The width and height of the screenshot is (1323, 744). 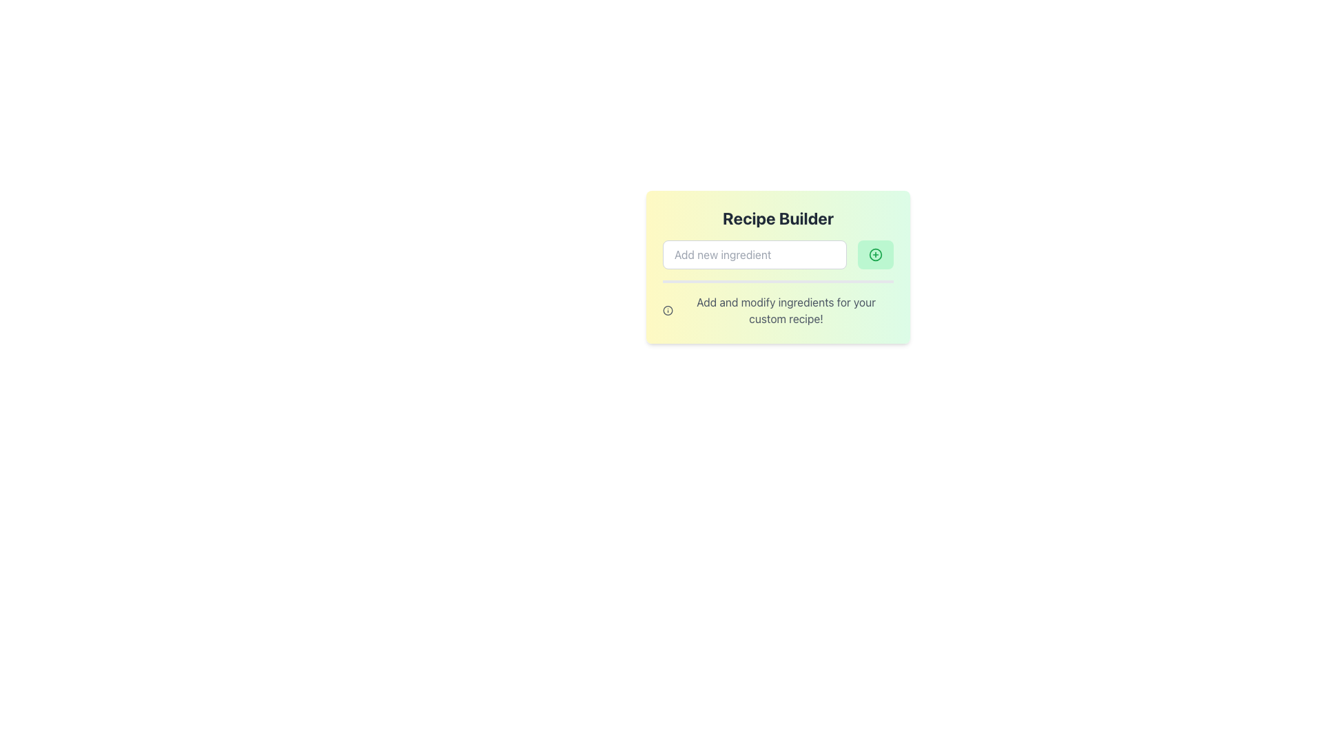 I want to click on the circular plus icon within the green-bordered square button in the Recipe Builder, so click(x=875, y=255).